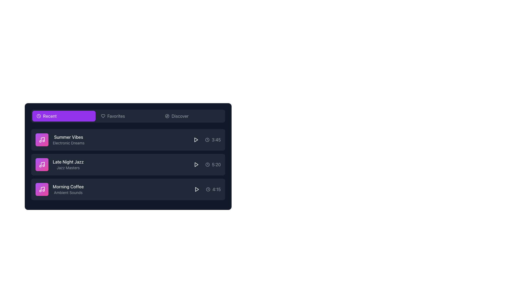  What do you see at coordinates (128, 189) in the screenshot?
I see `the third track item` at bounding box center [128, 189].